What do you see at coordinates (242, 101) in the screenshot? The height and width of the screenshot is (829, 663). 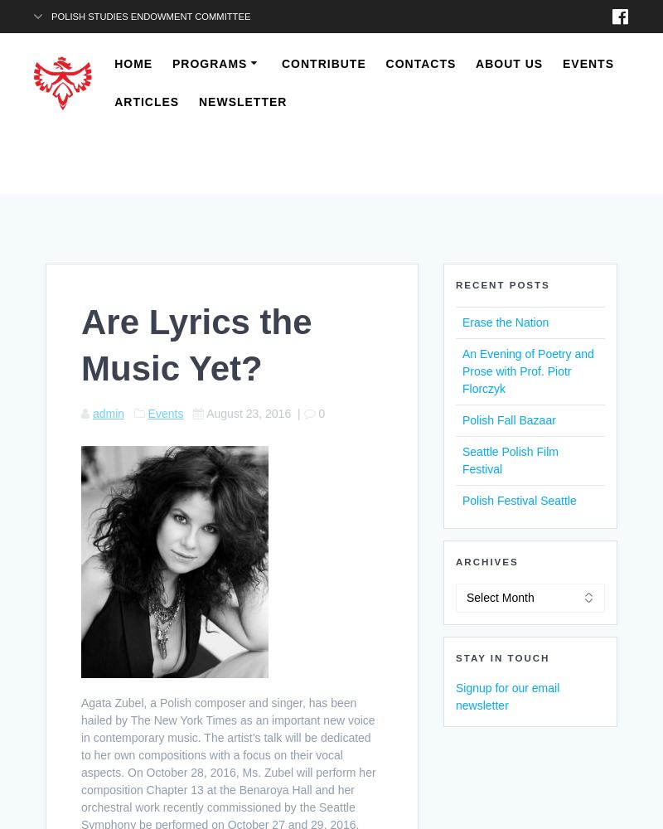 I see `'Newsletter'` at bounding box center [242, 101].